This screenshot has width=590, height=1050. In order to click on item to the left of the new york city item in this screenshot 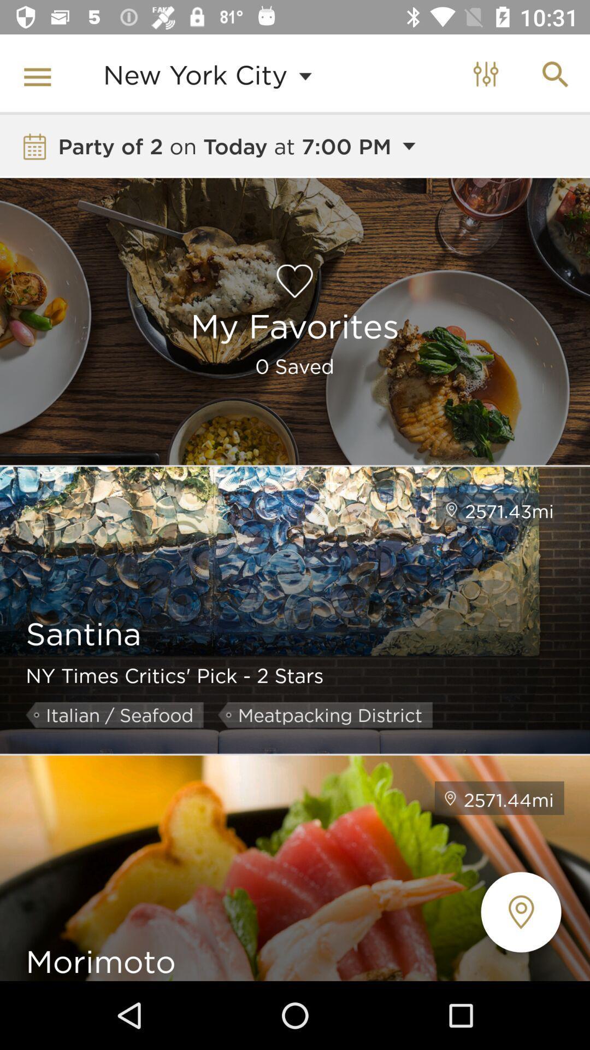, I will do `click(39, 74)`.